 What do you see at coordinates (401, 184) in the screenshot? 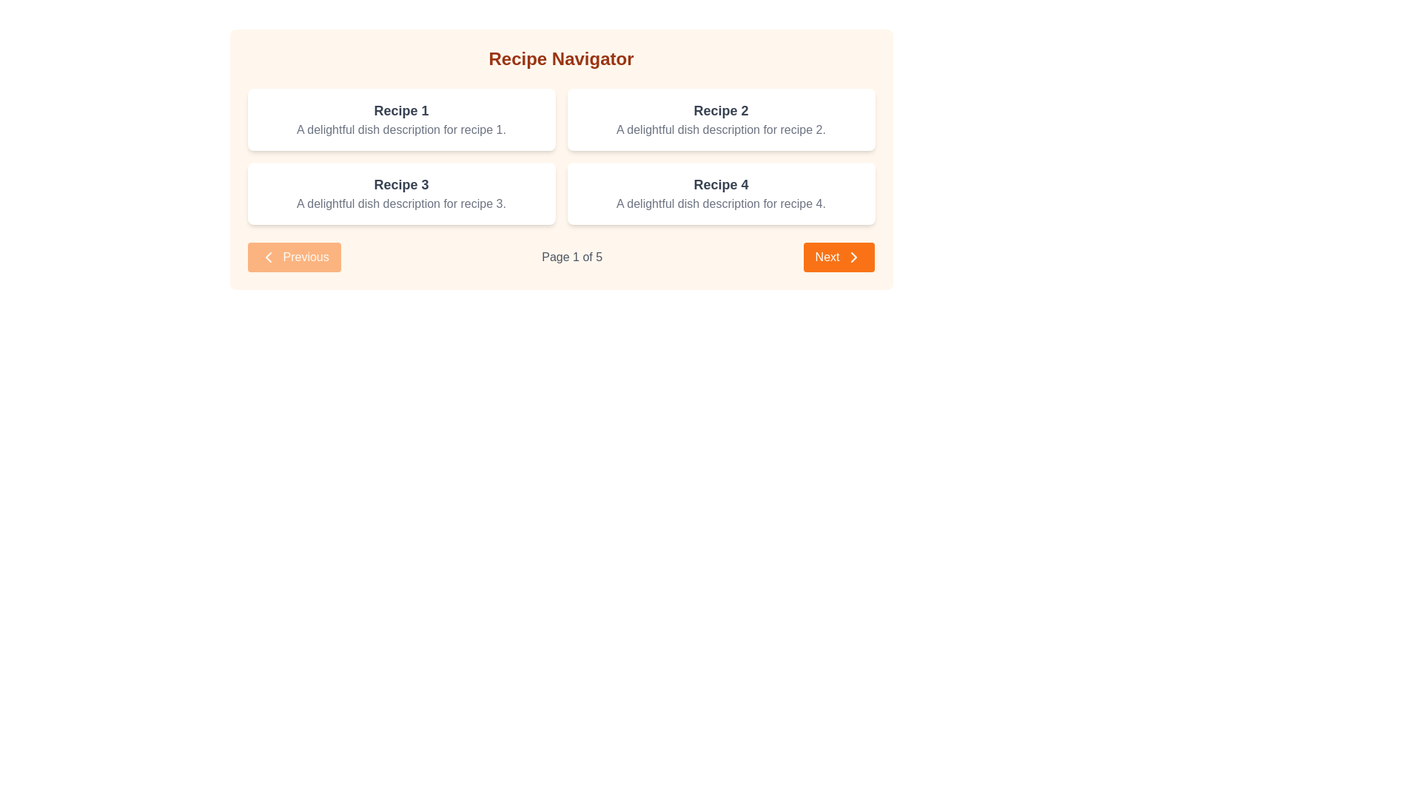
I see `the title text label of the recipe card located in the bottom-left area of the grid of recipe cards` at bounding box center [401, 184].